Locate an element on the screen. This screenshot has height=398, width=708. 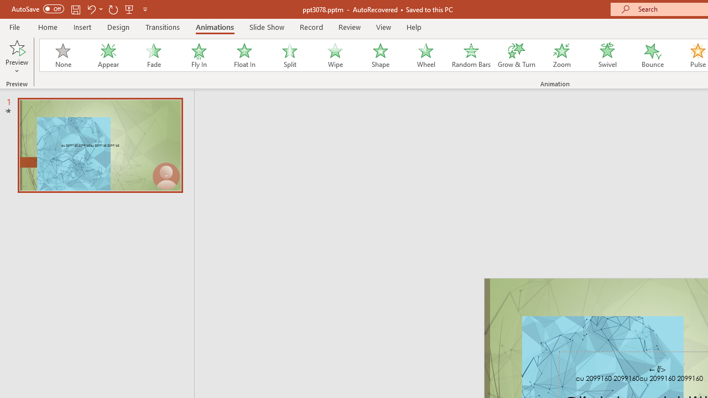
'Appear' is located at coordinates (108, 55).